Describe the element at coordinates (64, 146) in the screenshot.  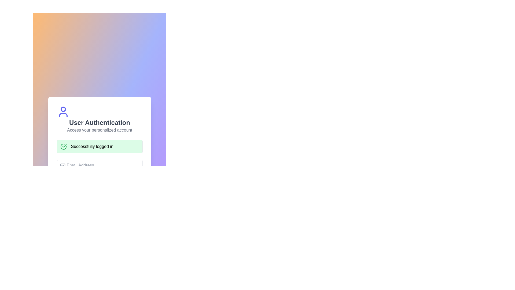
I see `the Checkmark Icon, which is part of a circular green icon indicating a successful operation within the notification panel below 'User Authentication' and 'Access your personalized account'` at that location.